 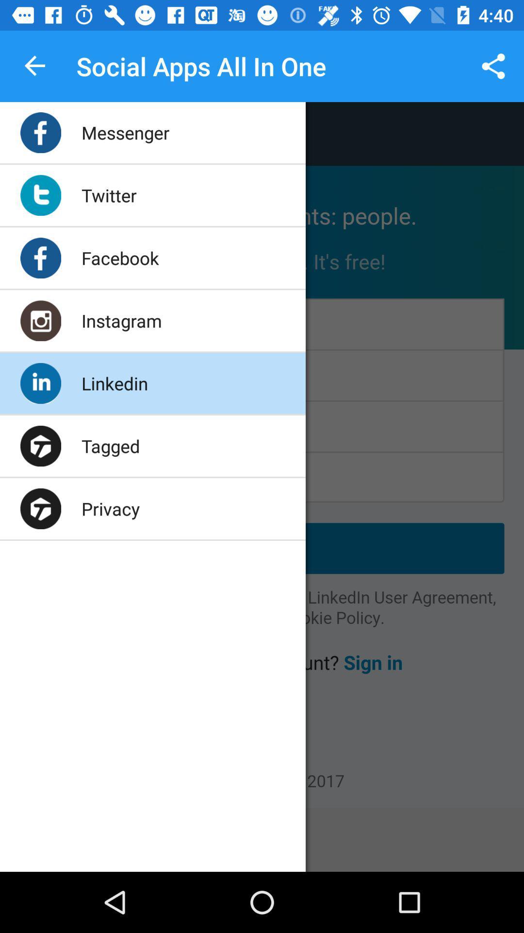 What do you see at coordinates (114, 382) in the screenshot?
I see `linkedin` at bounding box center [114, 382].